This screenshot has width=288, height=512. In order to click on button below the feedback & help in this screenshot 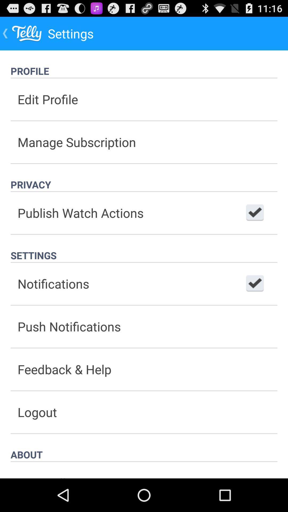, I will do `click(144, 412)`.